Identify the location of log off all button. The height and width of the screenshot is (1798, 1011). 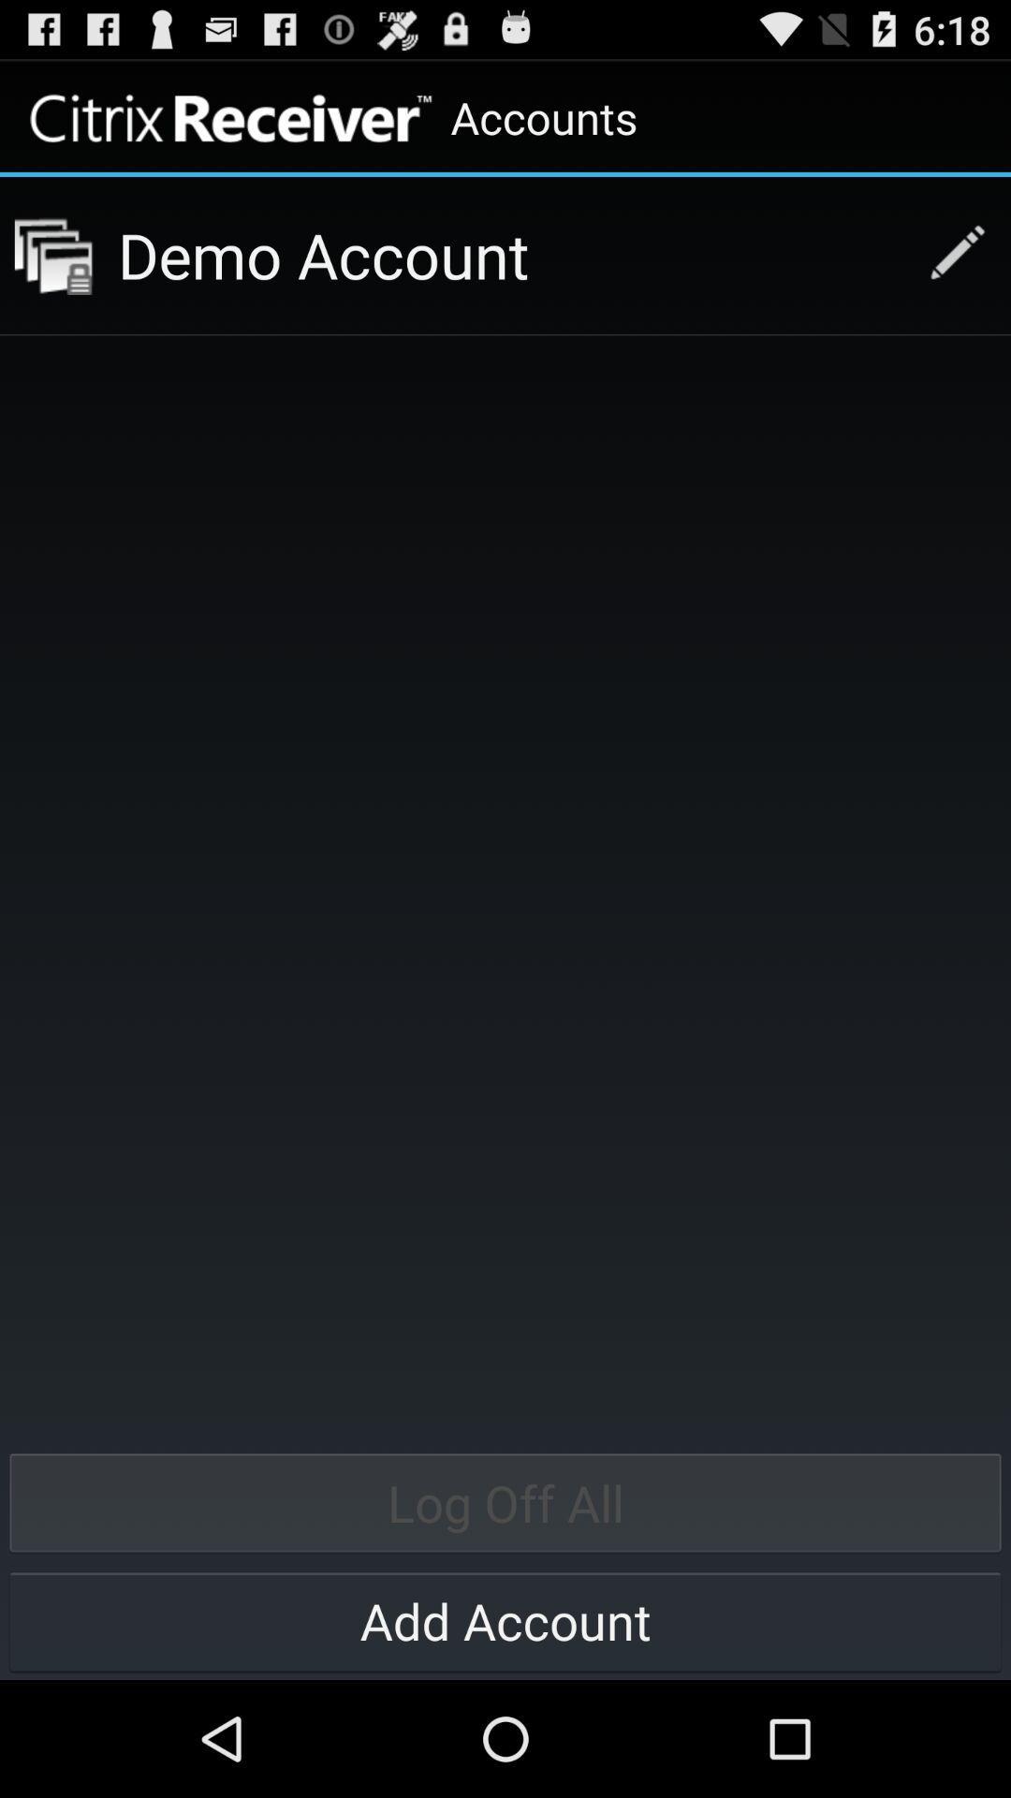
(505, 1502).